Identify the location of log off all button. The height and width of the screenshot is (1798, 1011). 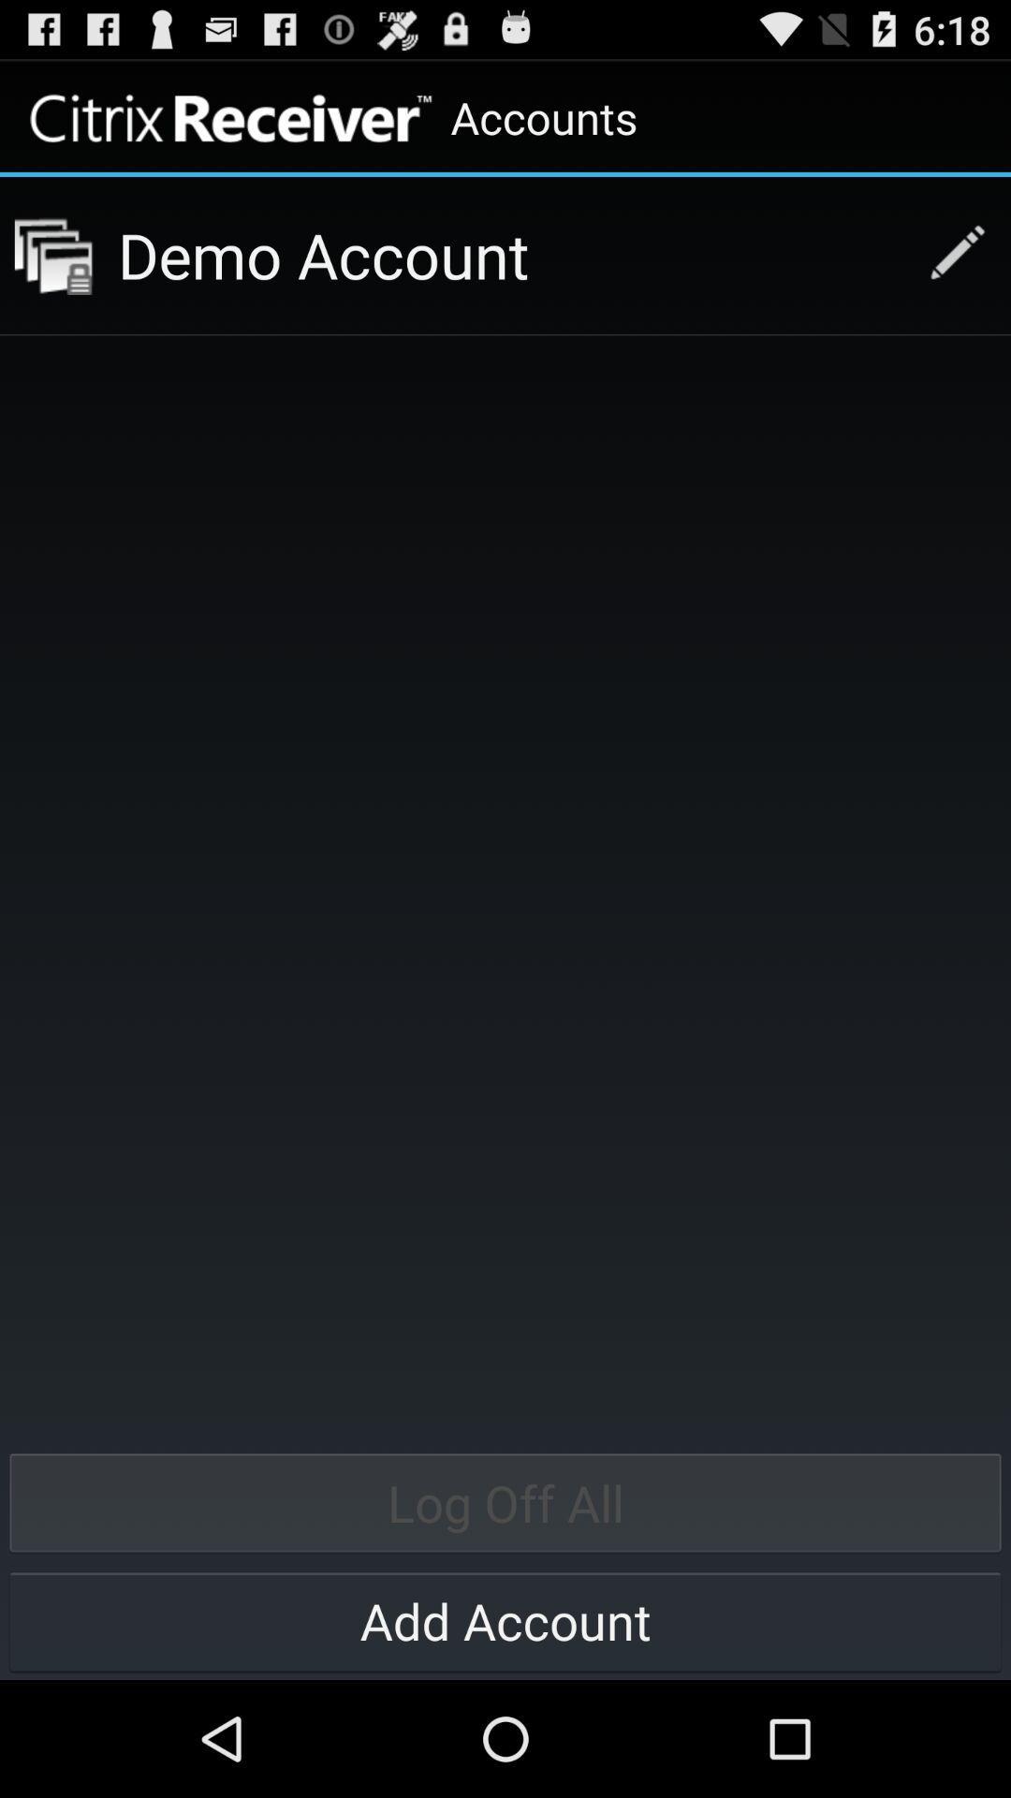
(505, 1502).